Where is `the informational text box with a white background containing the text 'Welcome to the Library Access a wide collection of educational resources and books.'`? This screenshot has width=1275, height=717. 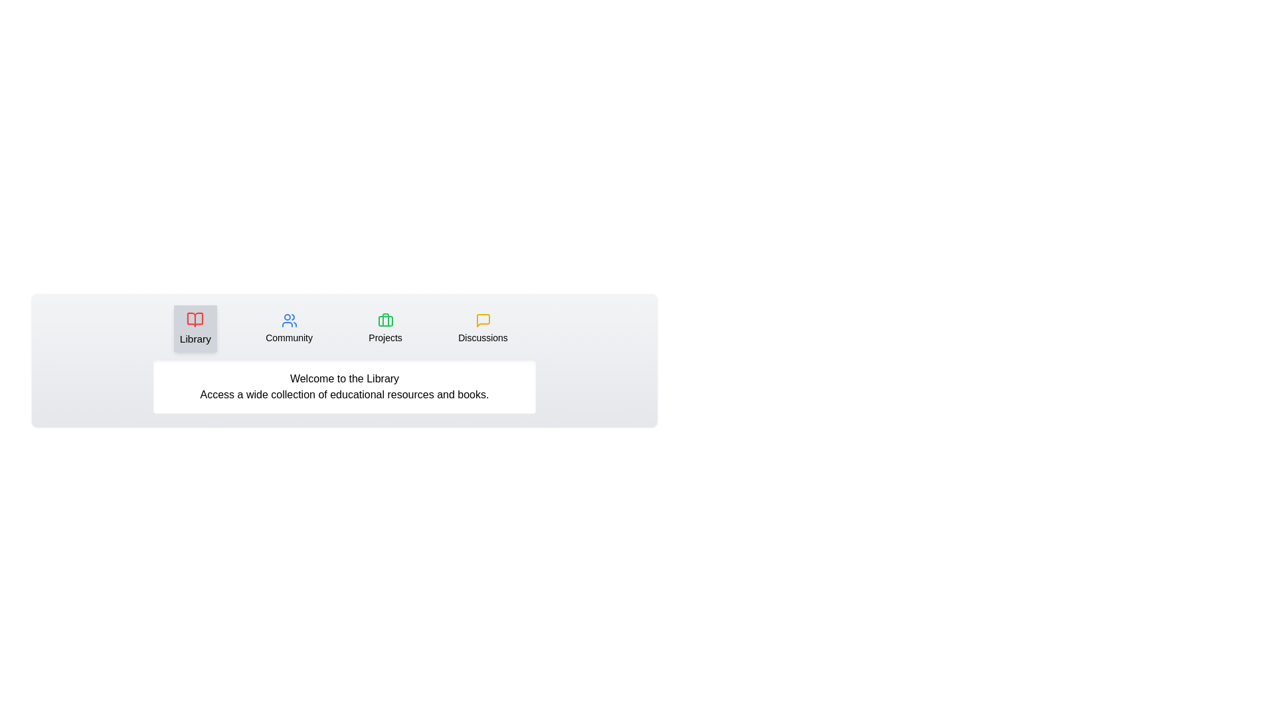 the informational text box with a white background containing the text 'Welcome to the Library Access a wide collection of educational resources and books.' is located at coordinates (344, 386).